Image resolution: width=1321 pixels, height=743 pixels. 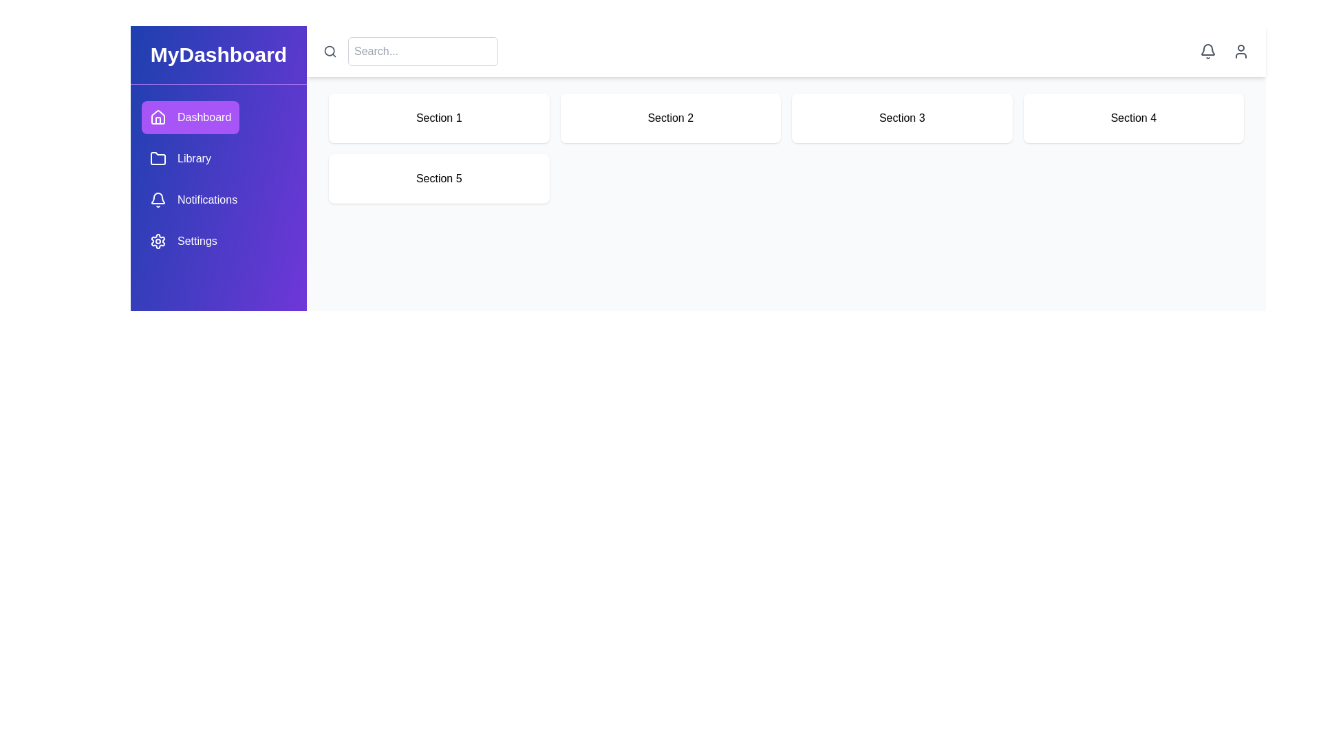 I want to click on the 'Library' button, which is located in the vertical navigation menu beneath the 'Dashboard' button and above the 'Notifications' button, featuring a folder icon and a light purple hover effect, so click(x=180, y=158).